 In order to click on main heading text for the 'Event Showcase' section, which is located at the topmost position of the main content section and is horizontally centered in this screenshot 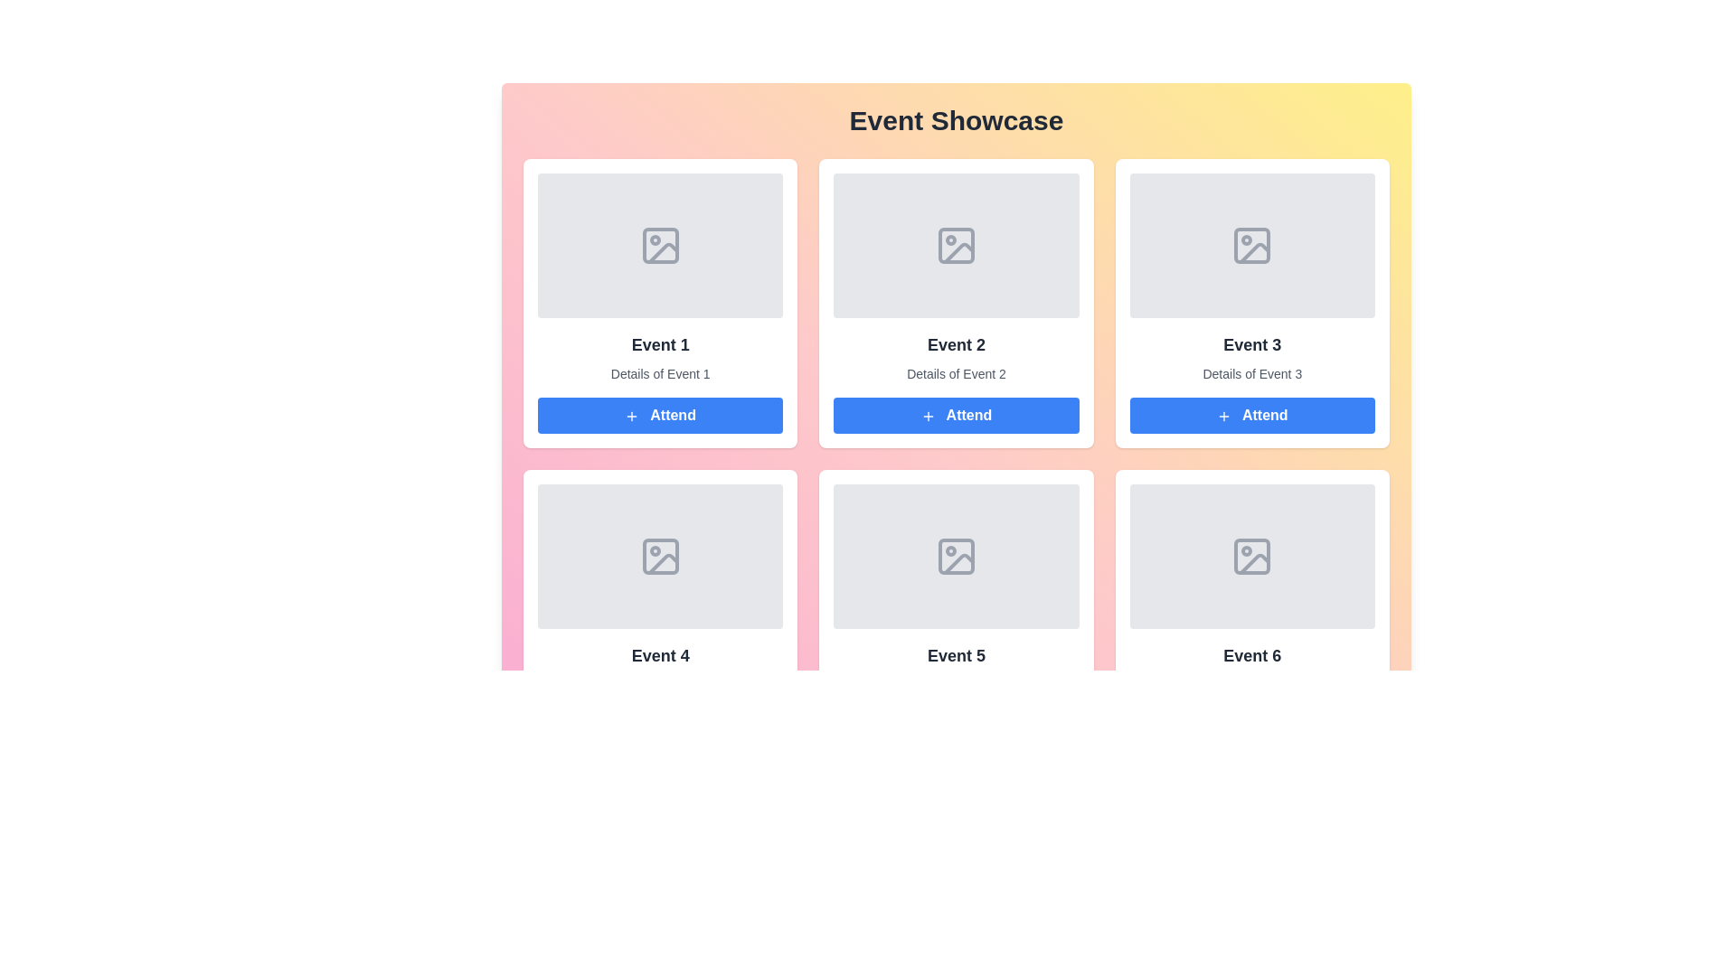, I will do `click(955, 121)`.